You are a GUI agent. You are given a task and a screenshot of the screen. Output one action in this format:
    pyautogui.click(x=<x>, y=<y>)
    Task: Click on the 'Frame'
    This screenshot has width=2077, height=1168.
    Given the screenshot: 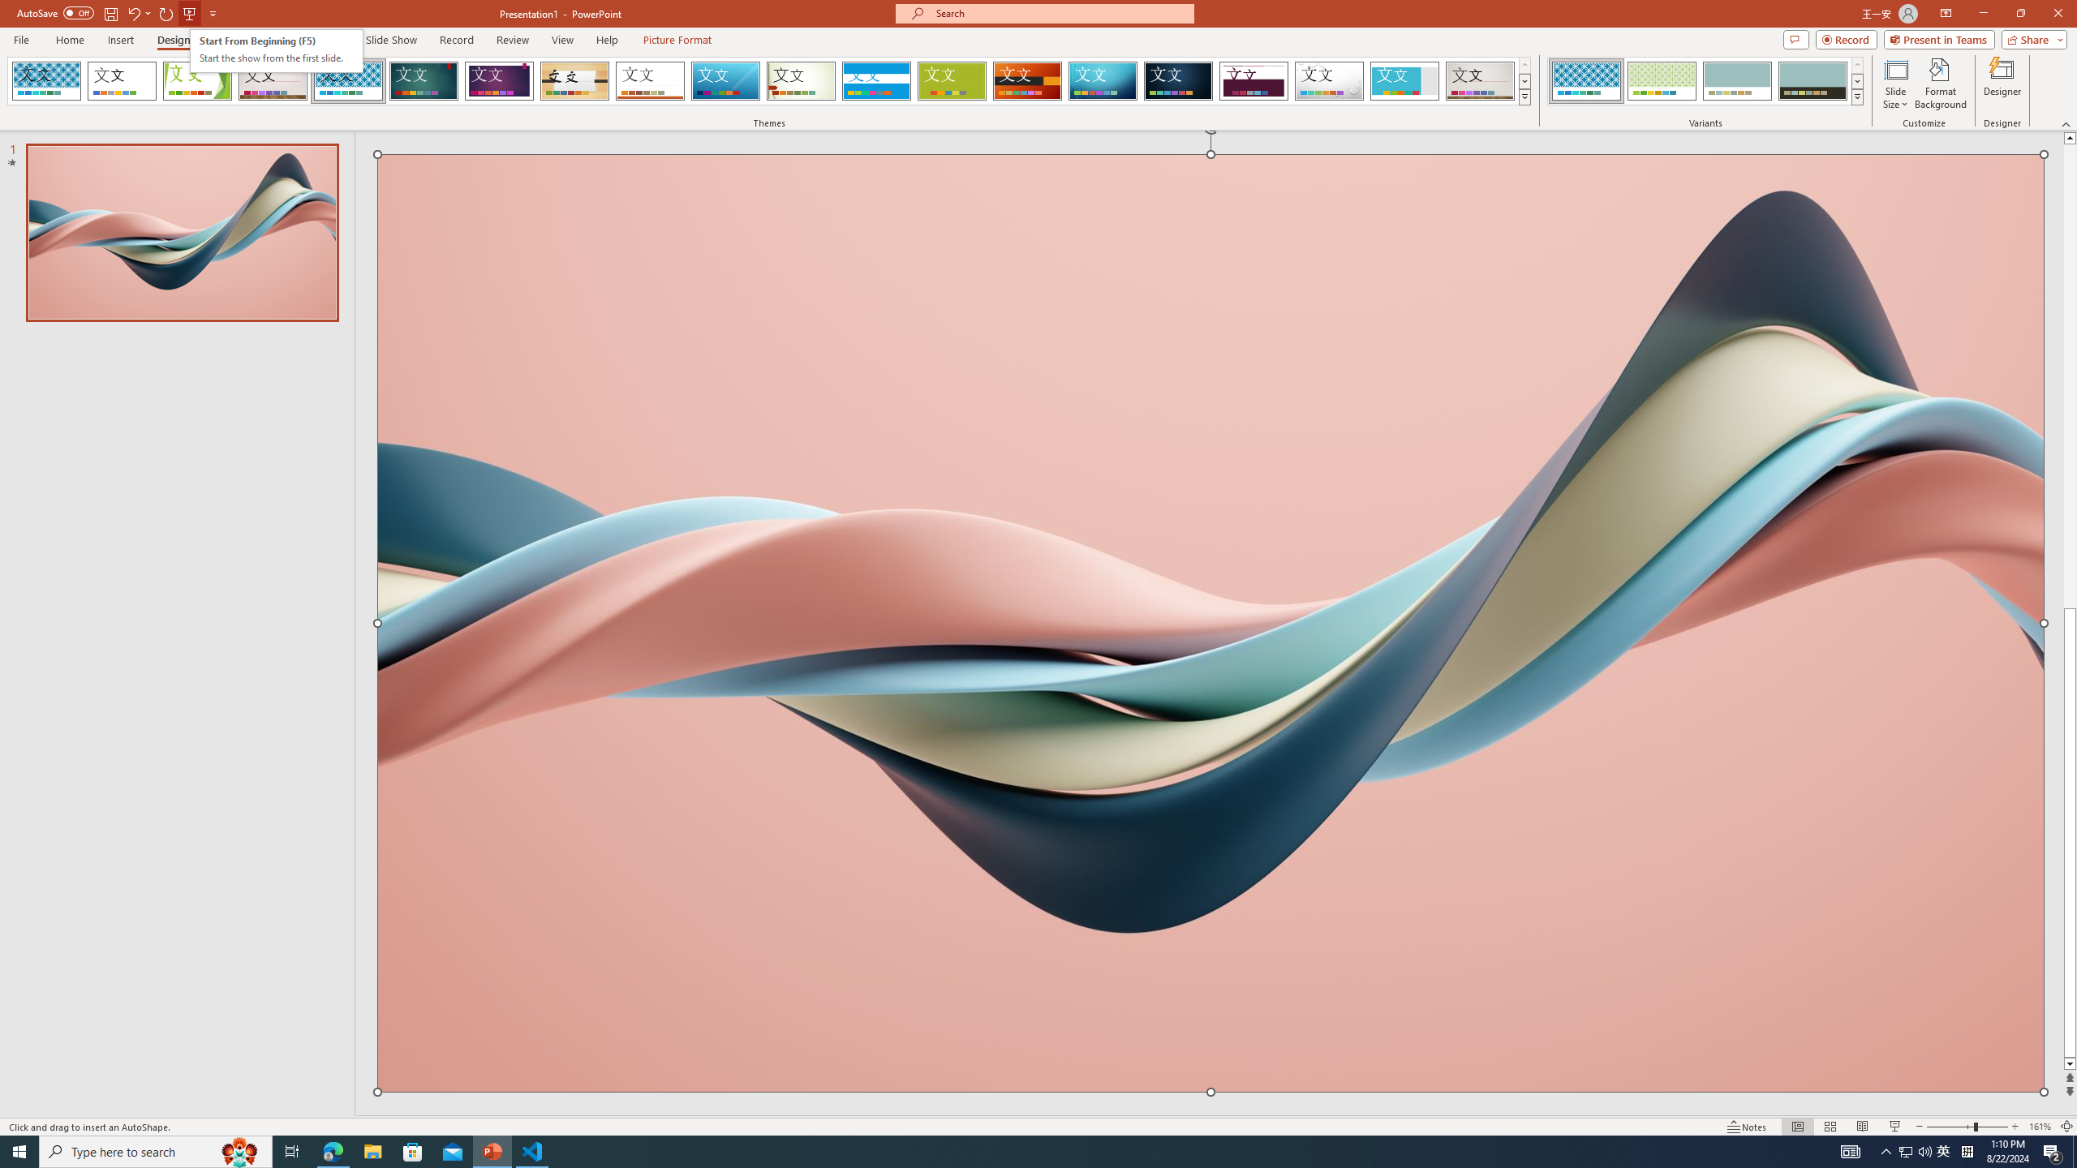 What is the action you would take?
    pyautogui.click(x=1404, y=80)
    